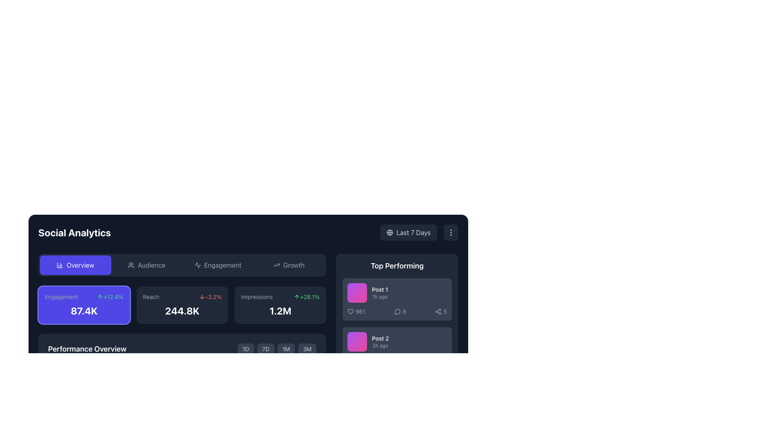  Describe the element at coordinates (389, 232) in the screenshot. I see `circle SVG graphical component that is part of the globe icon located in the top-right corner of the interface near the date range options for 'Last 7 Days'` at that location.